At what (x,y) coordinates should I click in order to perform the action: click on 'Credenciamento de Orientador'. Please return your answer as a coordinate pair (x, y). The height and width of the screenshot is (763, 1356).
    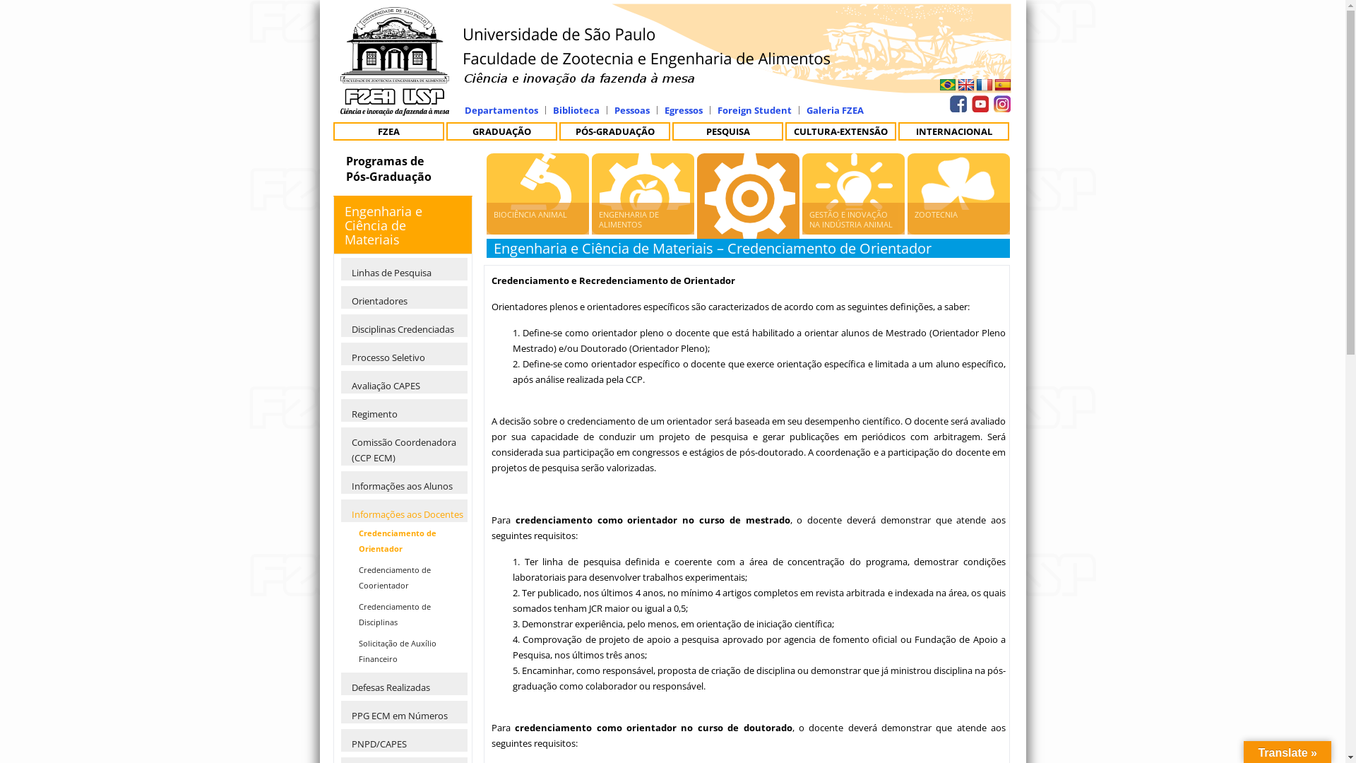
    Looking at the image, I should click on (406, 540).